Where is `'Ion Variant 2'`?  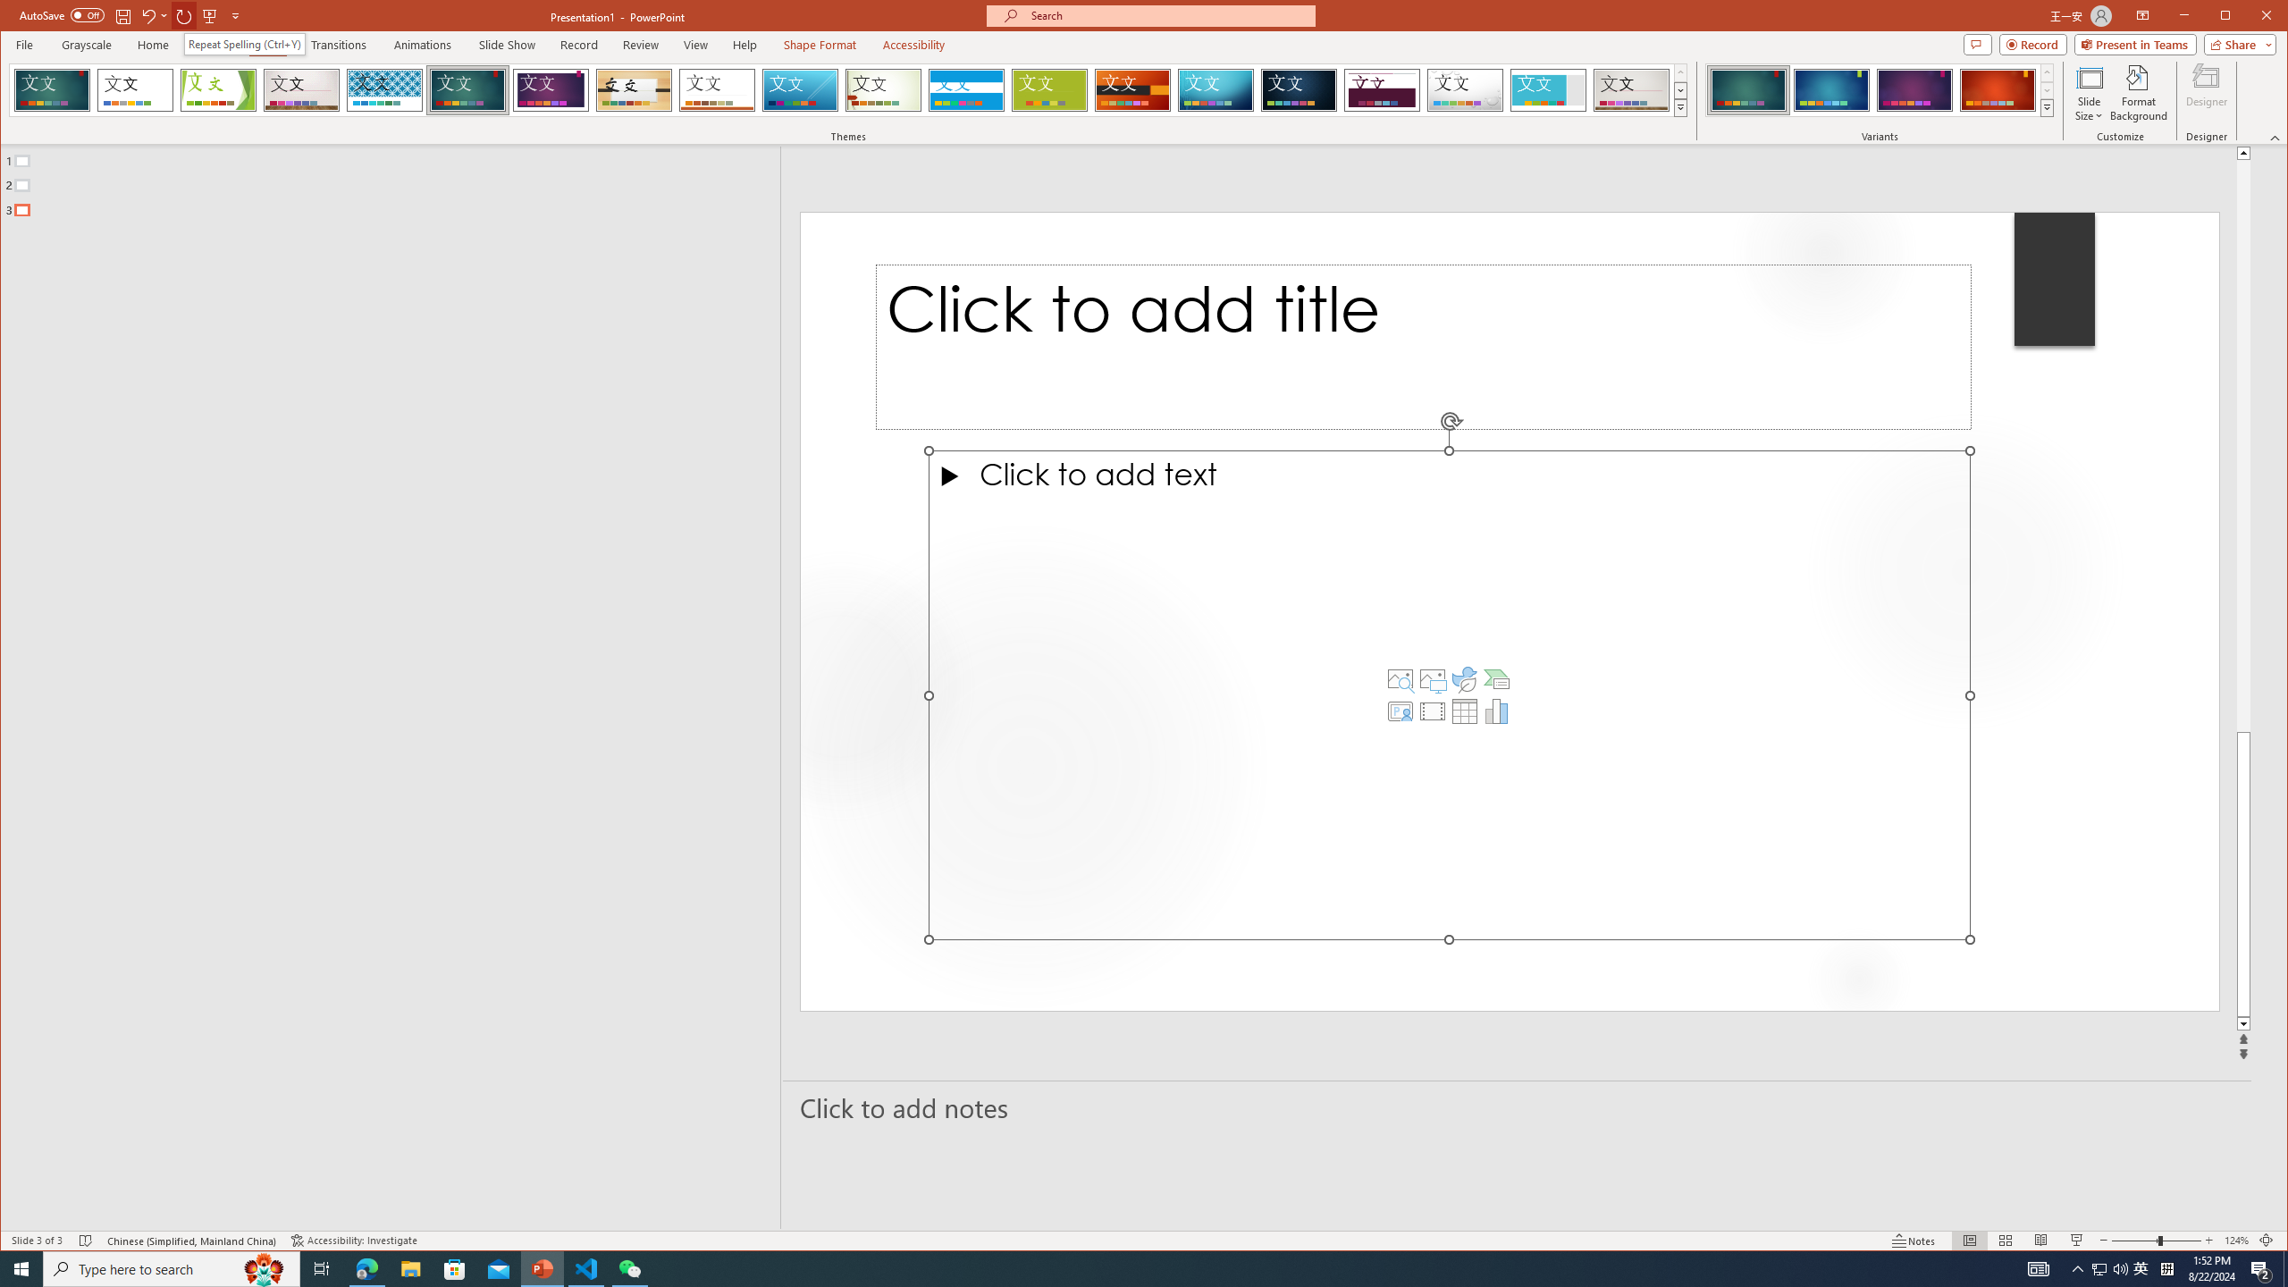
'Ion Variant 2' is located at coordinates (1831, 89).